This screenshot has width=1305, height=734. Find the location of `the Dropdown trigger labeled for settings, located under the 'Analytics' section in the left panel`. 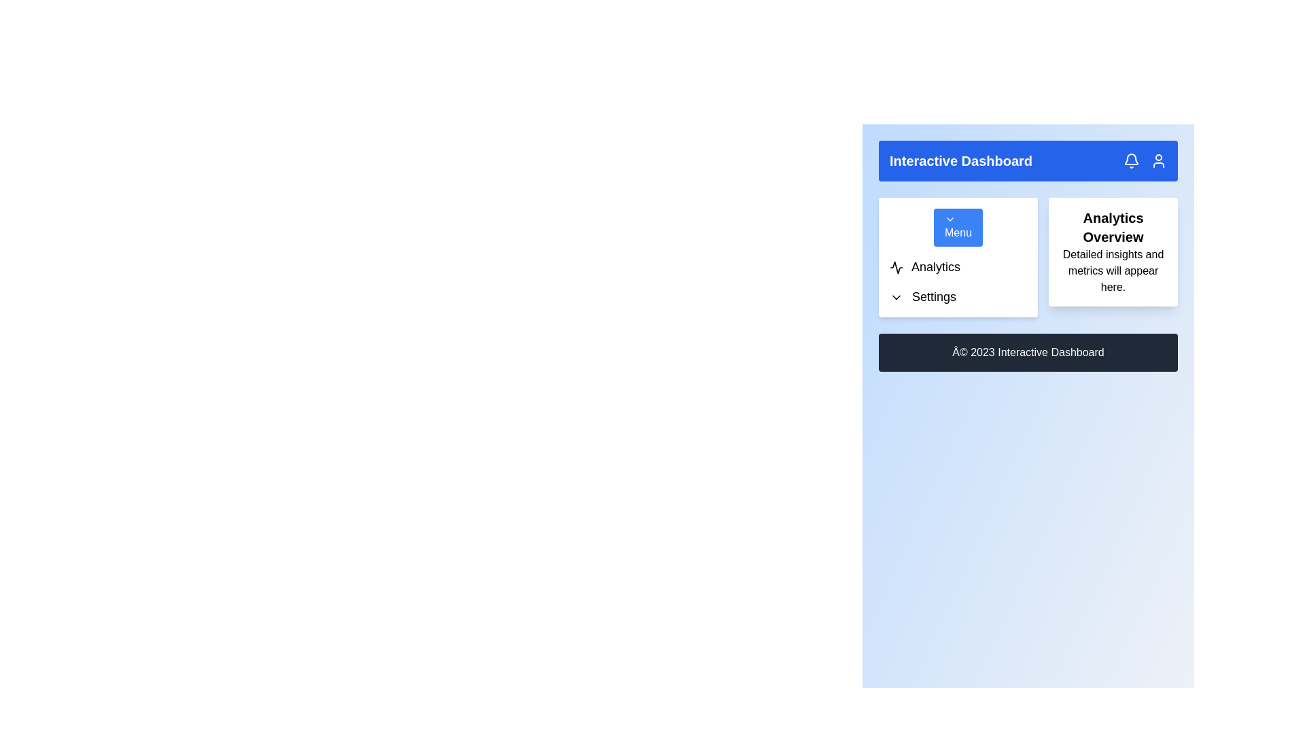

the Dropdown trigger labeled for settings, located under the 'Analytics' section in the left panel is located at coordinates (958, 296).